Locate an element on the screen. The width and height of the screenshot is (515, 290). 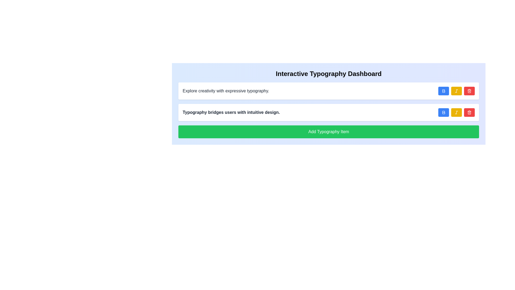
the delete icon located within the red button on the right side of the second row of list items is located at coordinates (469, 112).